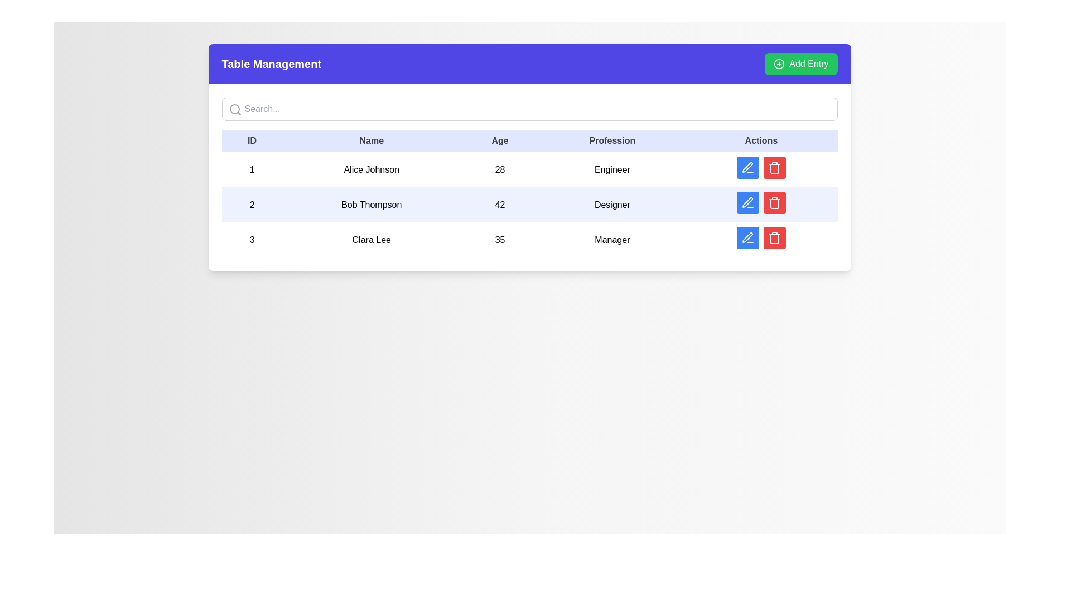 The height and width of the screenshot is (602, 1071). What do you see at coordinates (760, 237) in the screenshot?
I see `the blue edit button in the Actions column for user Clara Lee, which is part of a horizontally-aligned group of buttons at the far-right section of the last row` at bounding box center [760, 237].